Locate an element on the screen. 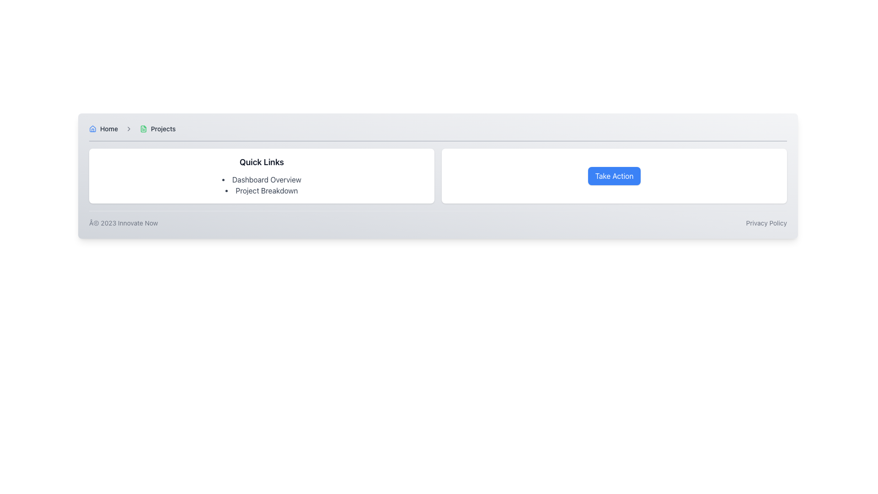 The height and width of the screenshot is (494, 878). static text element displaying '© 2023 Innovate Now' located at the bottom-left corner of the interface is located at coordinates (123, 223).